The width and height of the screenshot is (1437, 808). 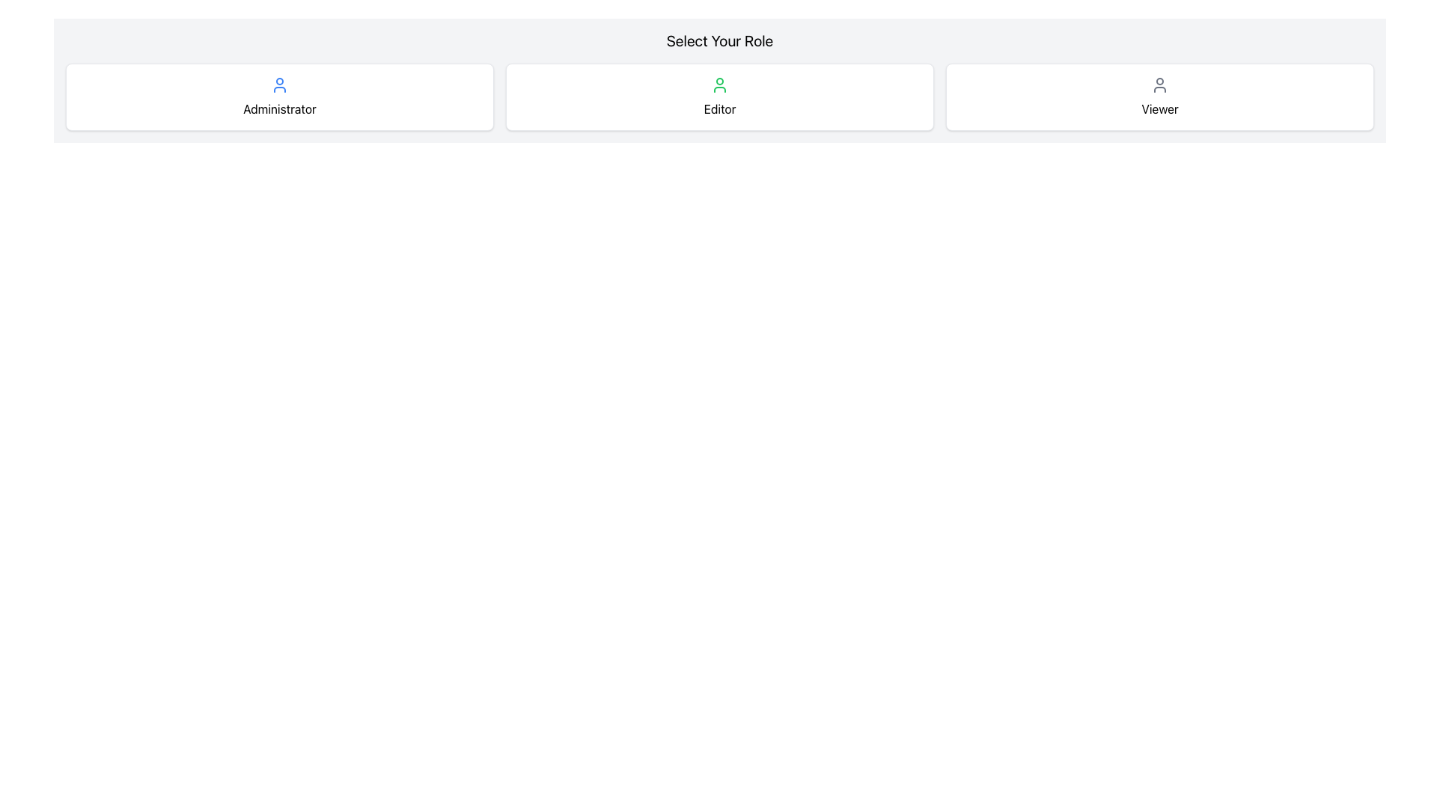 I want to click on the 'Viewer' text label by clicking on it, which is located in the bottom center of the rightmost box in a row of three boxes, so click(x=1159, y=108).